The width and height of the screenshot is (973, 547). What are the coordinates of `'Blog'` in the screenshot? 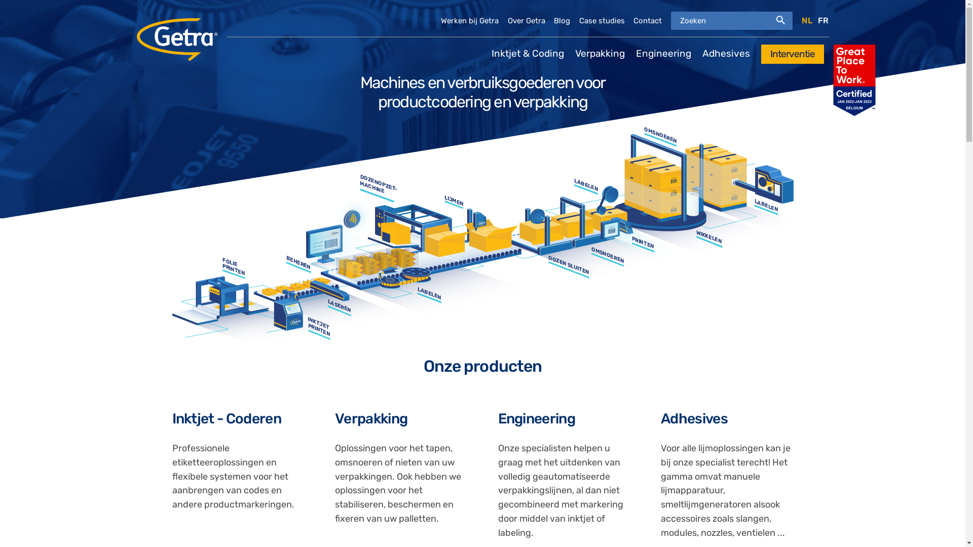 It's located at (561, 21).